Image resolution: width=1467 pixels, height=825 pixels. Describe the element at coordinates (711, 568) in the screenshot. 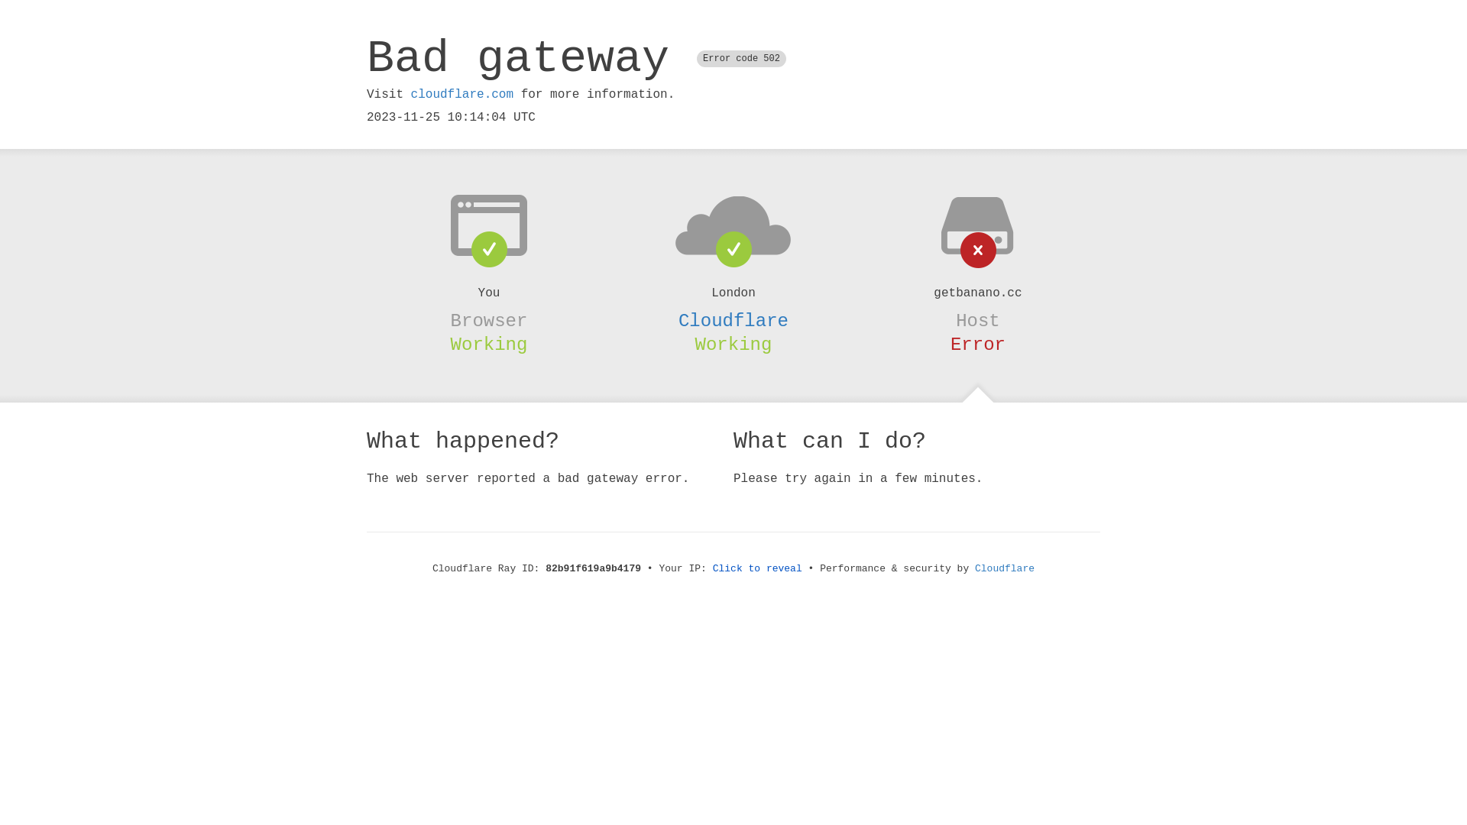

I see `'Click to reveal'` at that location.